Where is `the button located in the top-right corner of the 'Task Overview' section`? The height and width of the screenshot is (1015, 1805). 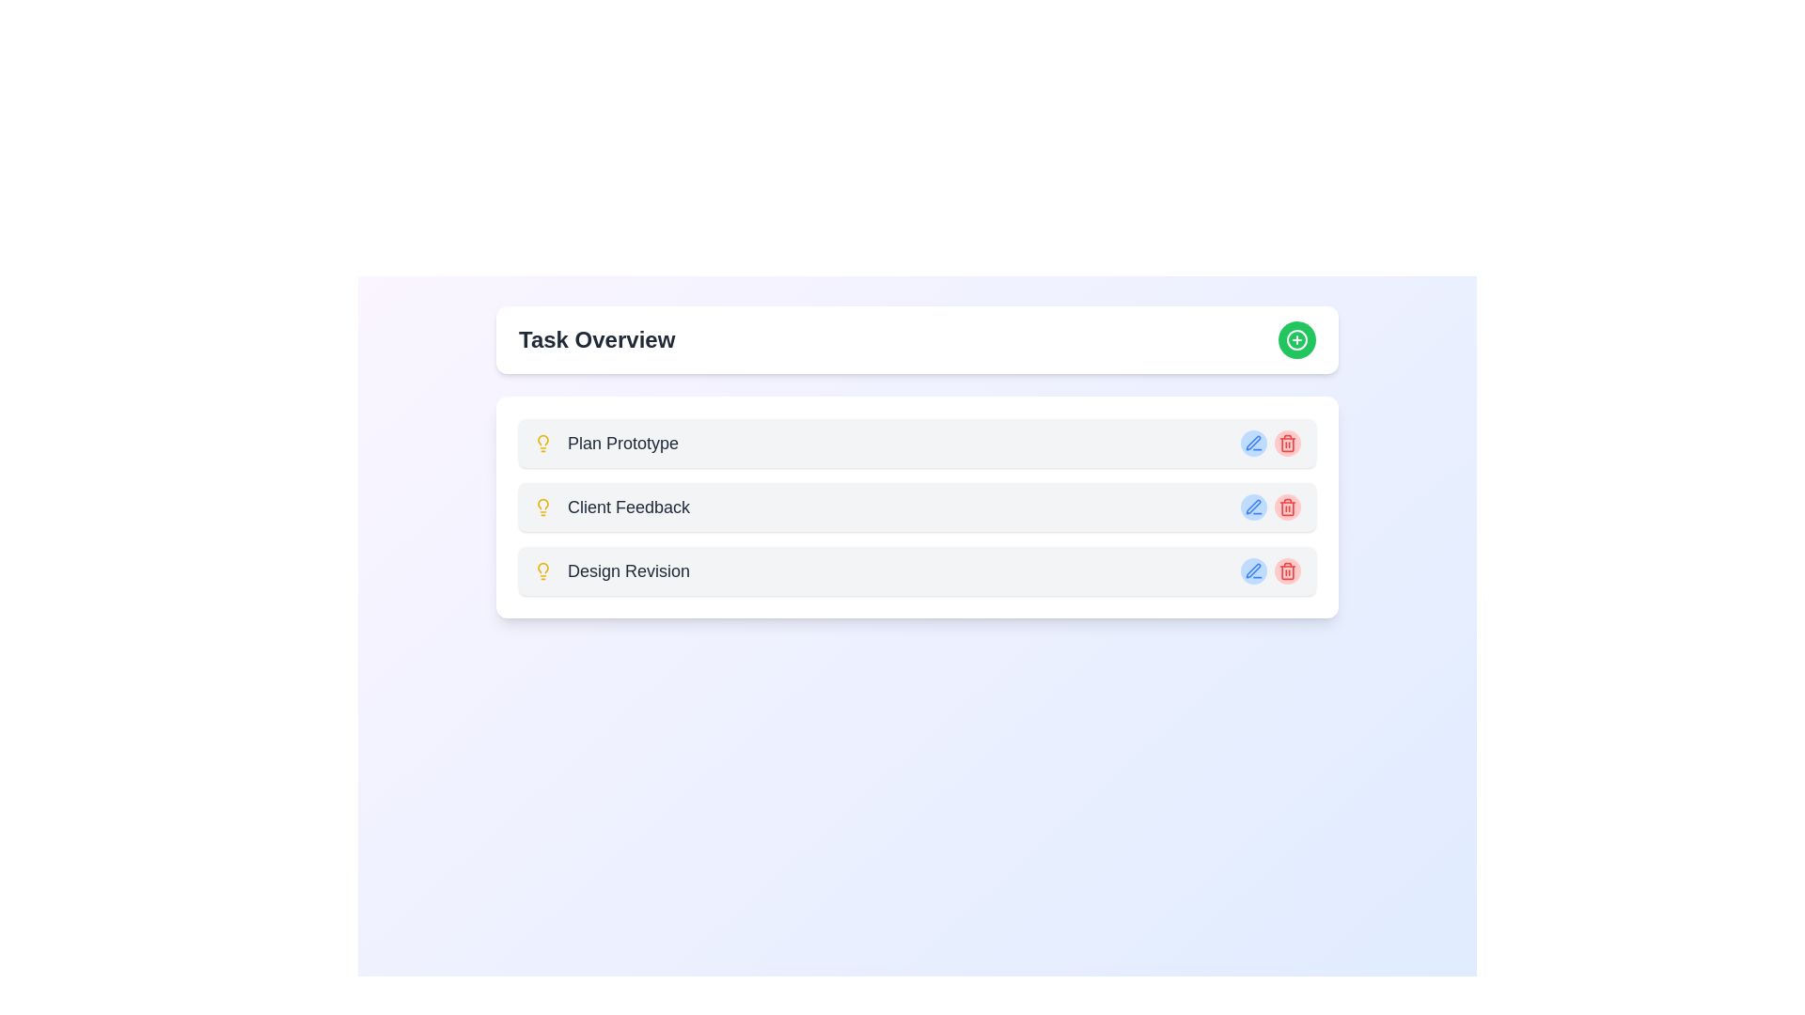
the button located in the top-right corner of the 'Task Overview' section is located at coordinates (1296, 340).